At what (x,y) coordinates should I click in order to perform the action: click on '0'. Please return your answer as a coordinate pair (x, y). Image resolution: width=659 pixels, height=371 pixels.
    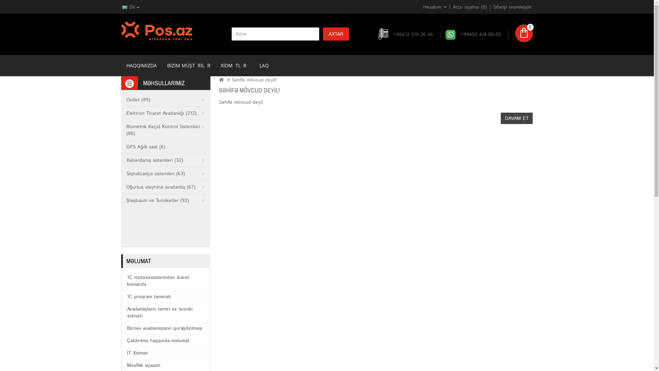
    Looking at the image, I should click on (523, 33).